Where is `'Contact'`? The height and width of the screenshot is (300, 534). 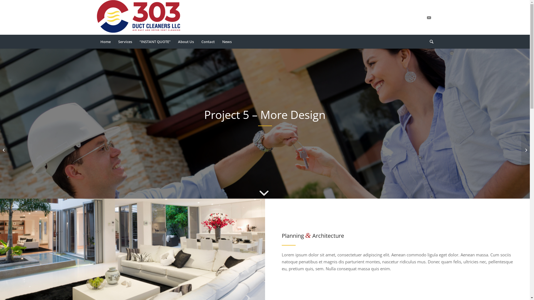
'Contact' is located at coordinates (207, 41).